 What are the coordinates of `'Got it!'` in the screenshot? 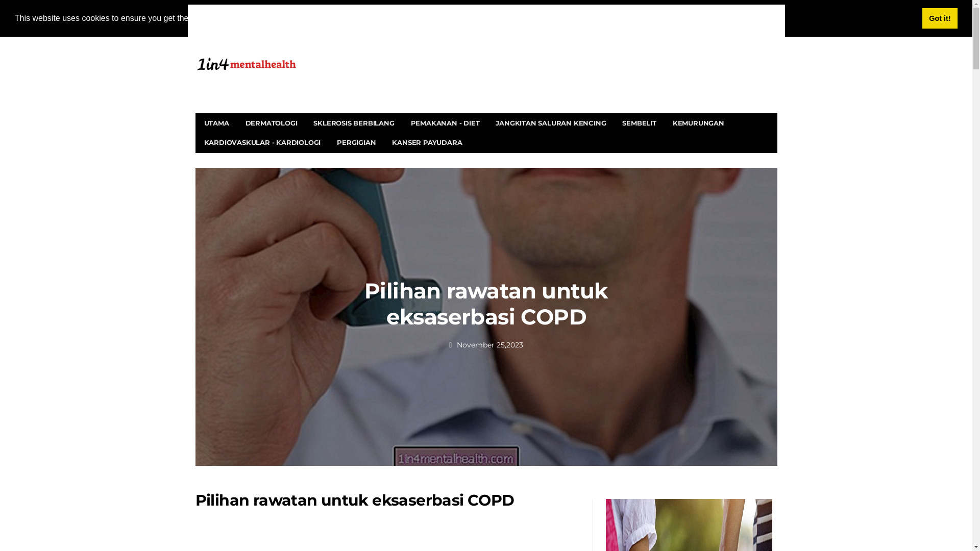 It's located at (939, 18).